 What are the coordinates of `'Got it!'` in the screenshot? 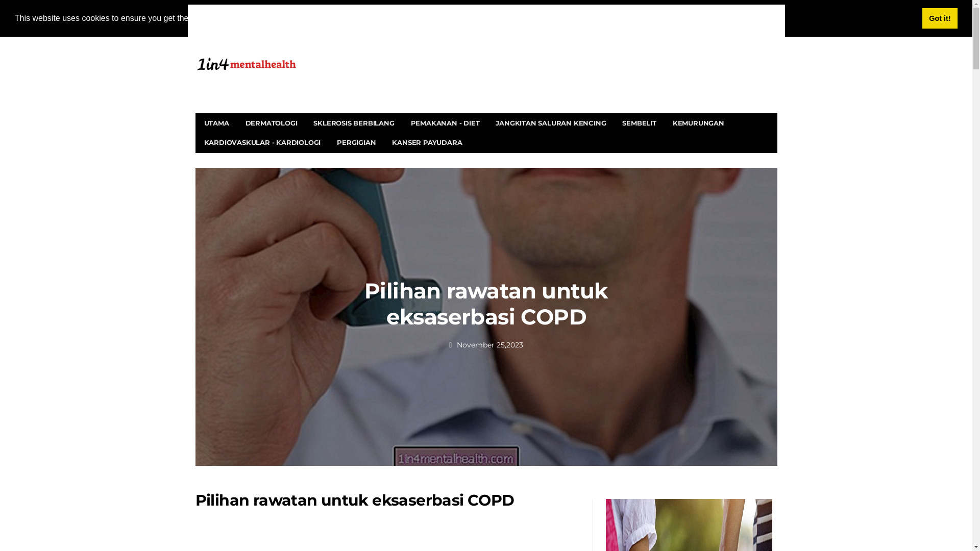 It's located at (939, 18).